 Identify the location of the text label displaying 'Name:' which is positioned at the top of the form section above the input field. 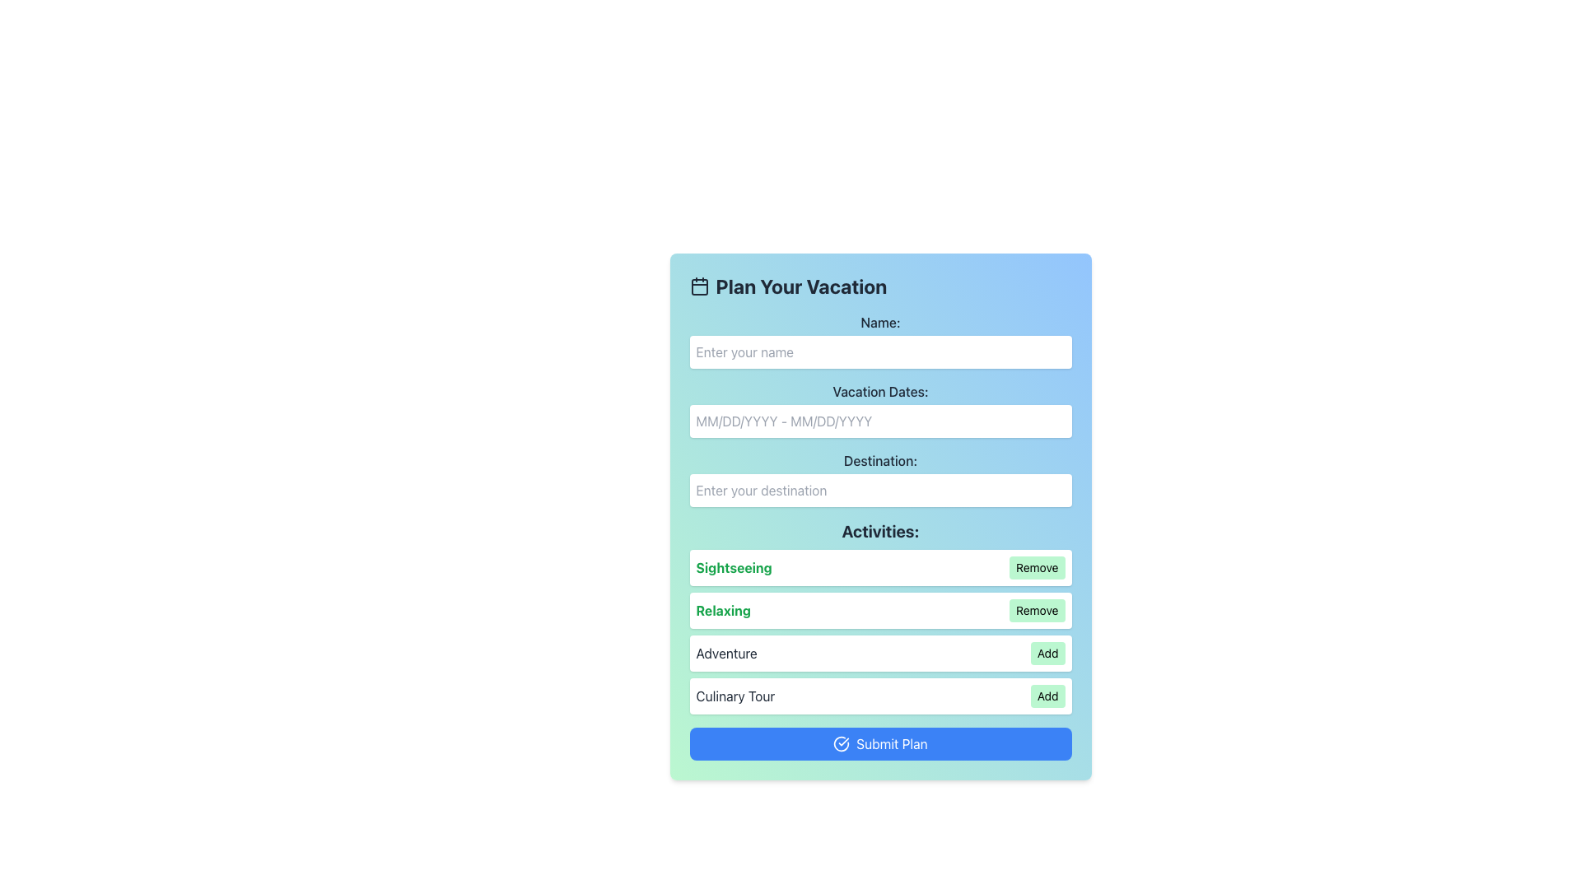
(879, 323).